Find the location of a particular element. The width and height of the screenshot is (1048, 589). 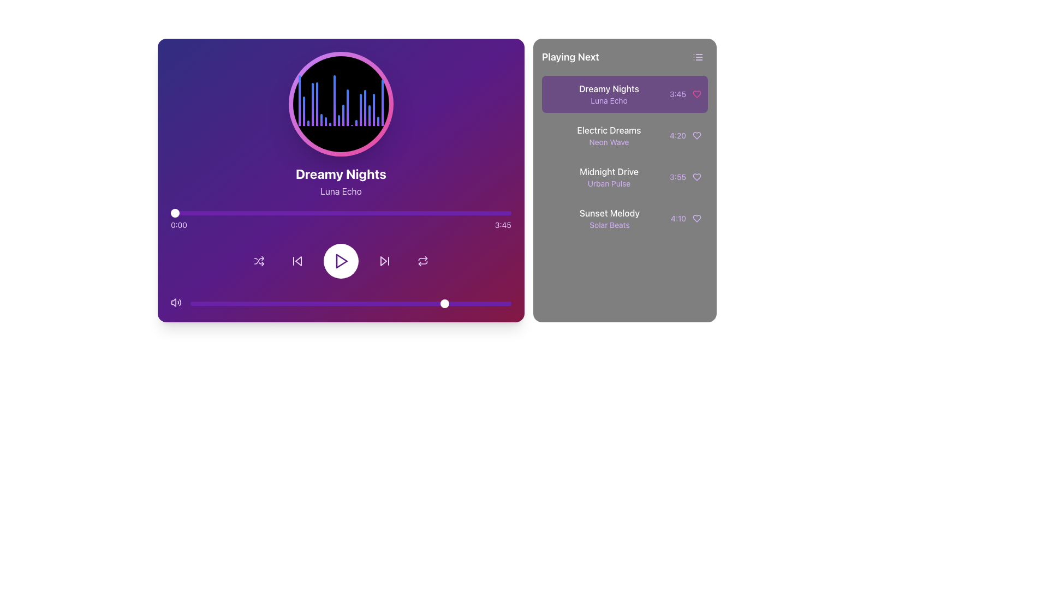

the seventeenth visual bar representation within the graphical chart or equalizer, which is part of the audio track's frequency visualization is located at coordinates (373, 110).